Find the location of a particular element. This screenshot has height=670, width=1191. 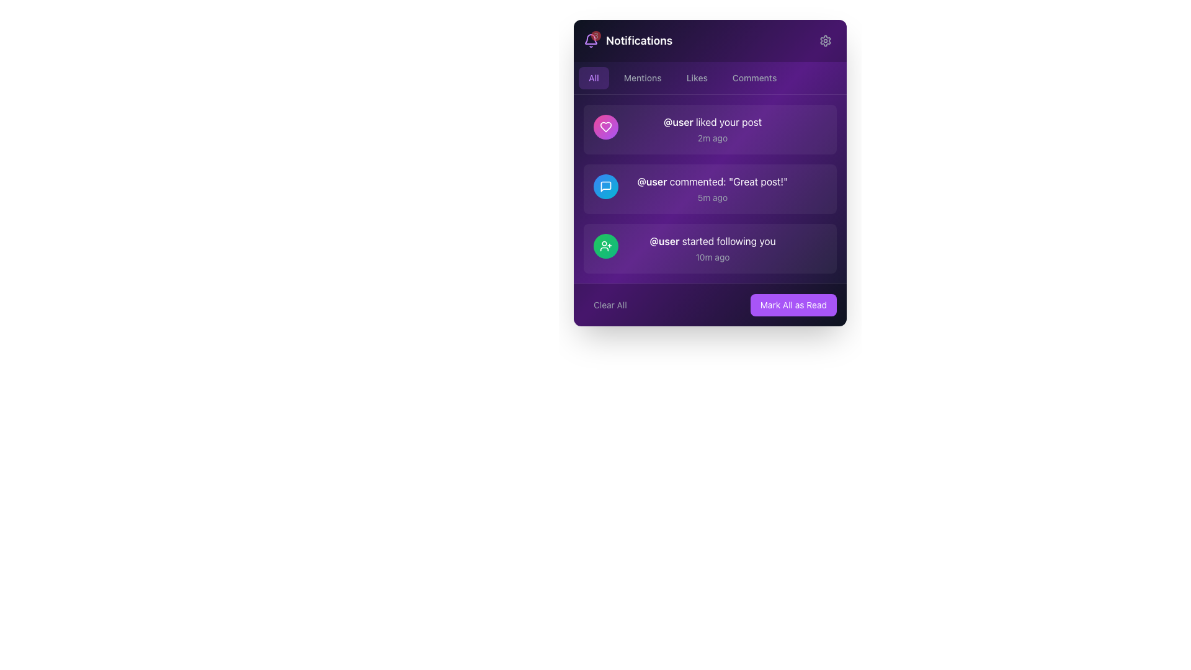

the username text label in the second notification entry is located at coordinates (651, 182).